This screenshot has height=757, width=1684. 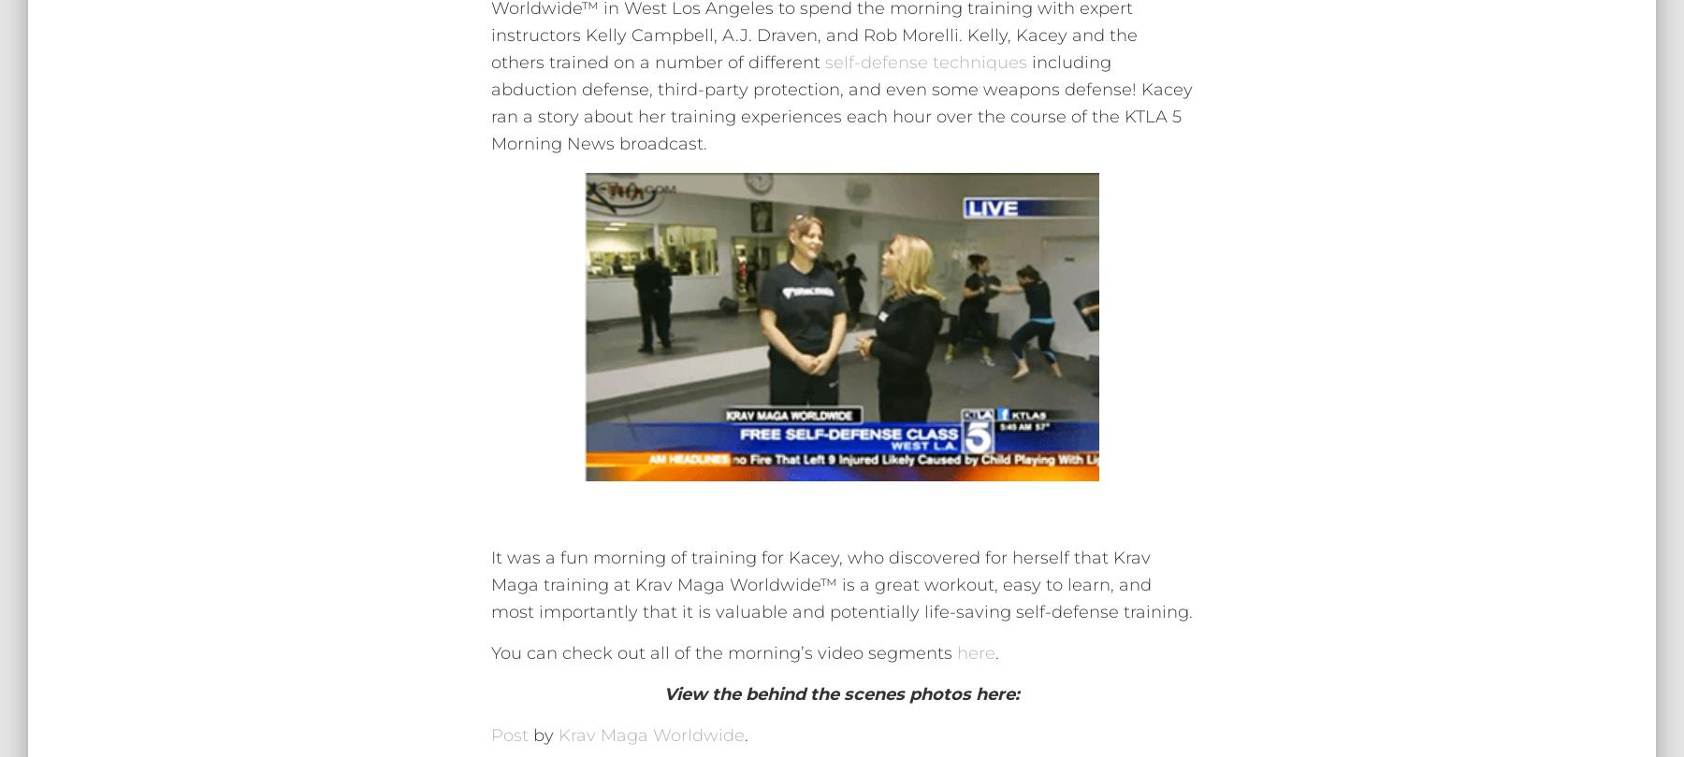 What do you see at coordinates (509, 734) in the screenshot?
I see `'Post'` at bounding box center [509, 734].